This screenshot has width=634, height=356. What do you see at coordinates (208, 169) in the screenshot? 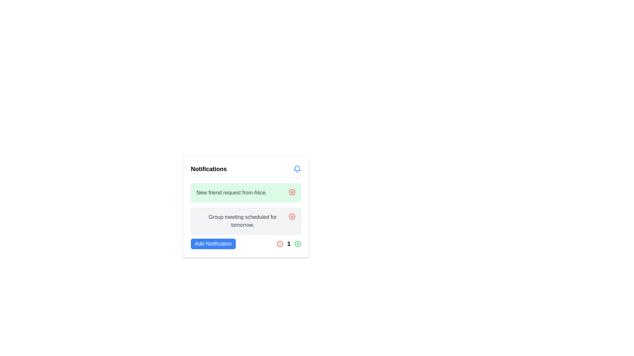
I see `the 'Notifications' text block, which is styled in bold and large font and positioned in the header section of the interface` at bounding box center [208, 169].